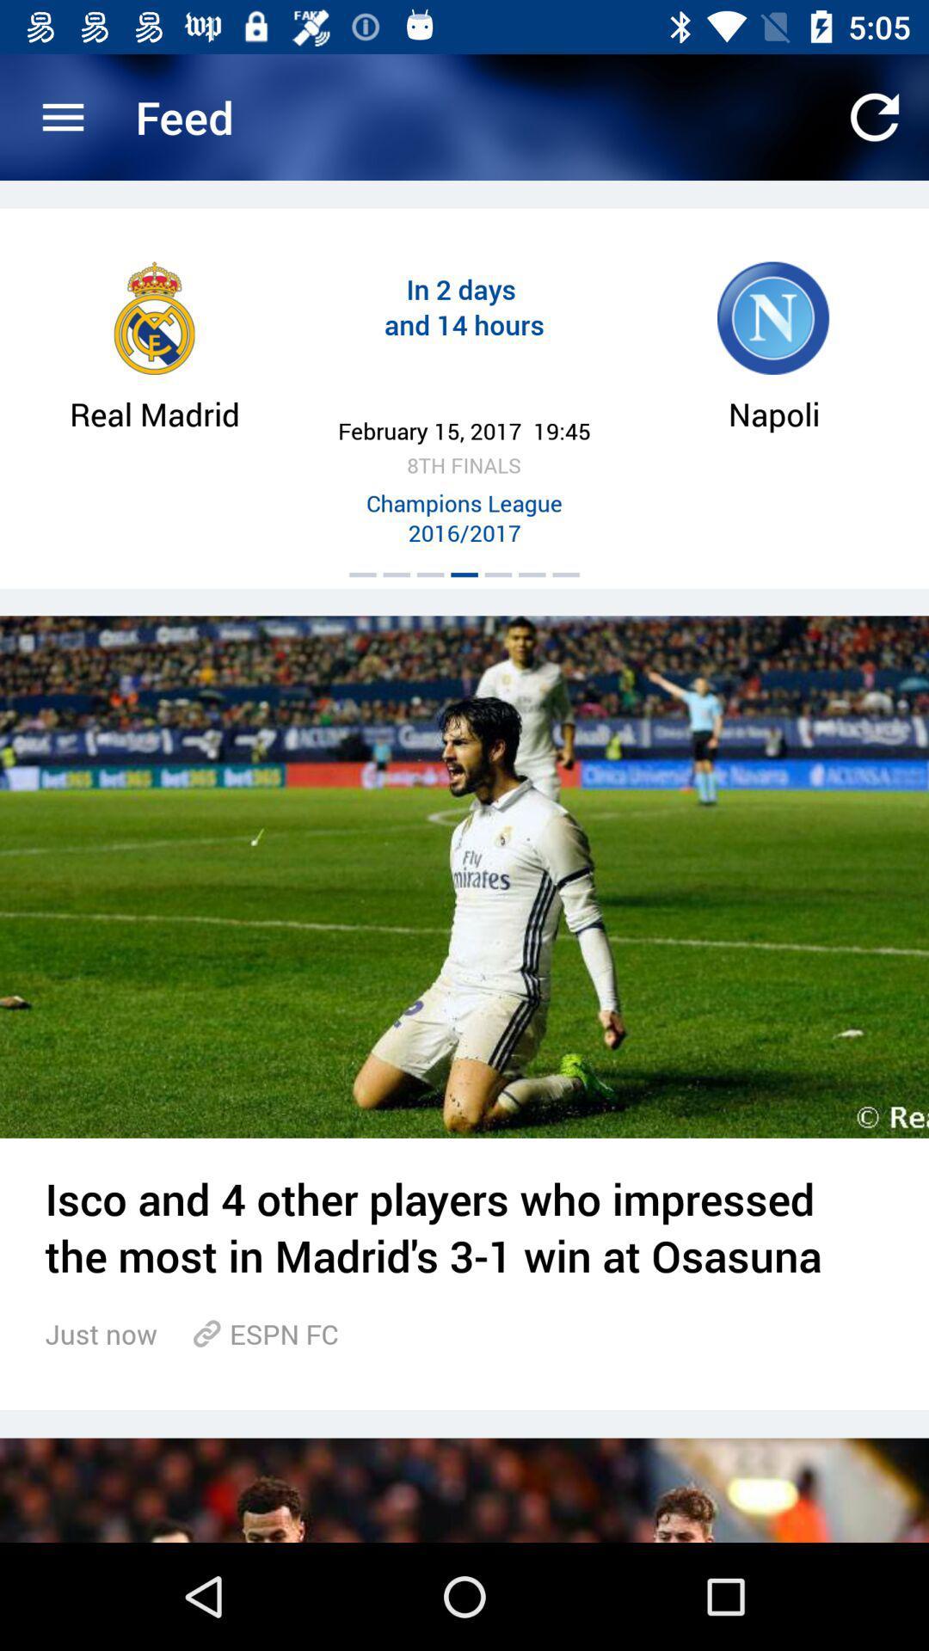 This screenshot has width=929, height=1651. Describe the element at coordinates (875, 117) in the screenshot. I see `the icon which is at the top right corner` at that location.